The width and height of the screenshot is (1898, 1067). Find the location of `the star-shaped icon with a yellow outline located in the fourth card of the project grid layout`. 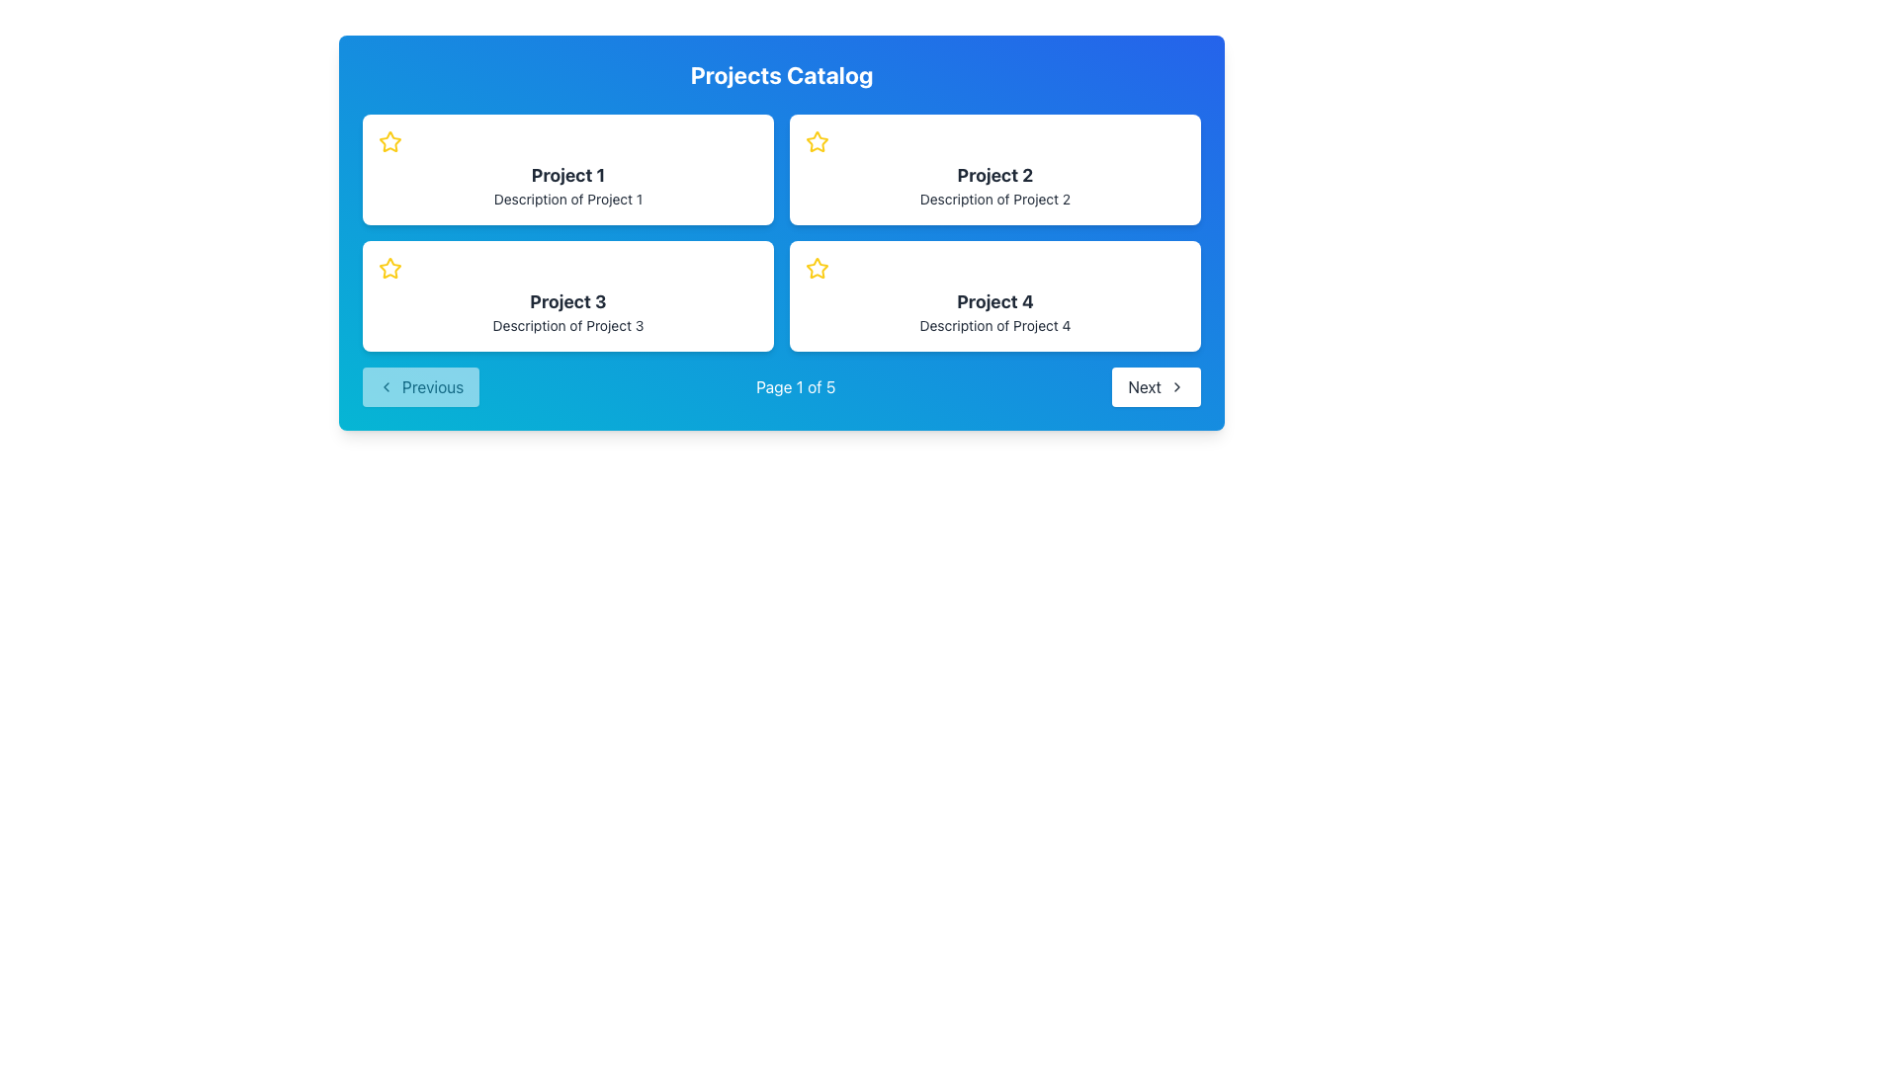

the star-shaped icon with a yellow outline located in the fourth card of the project grid layout is located at coordinates (817, 268).